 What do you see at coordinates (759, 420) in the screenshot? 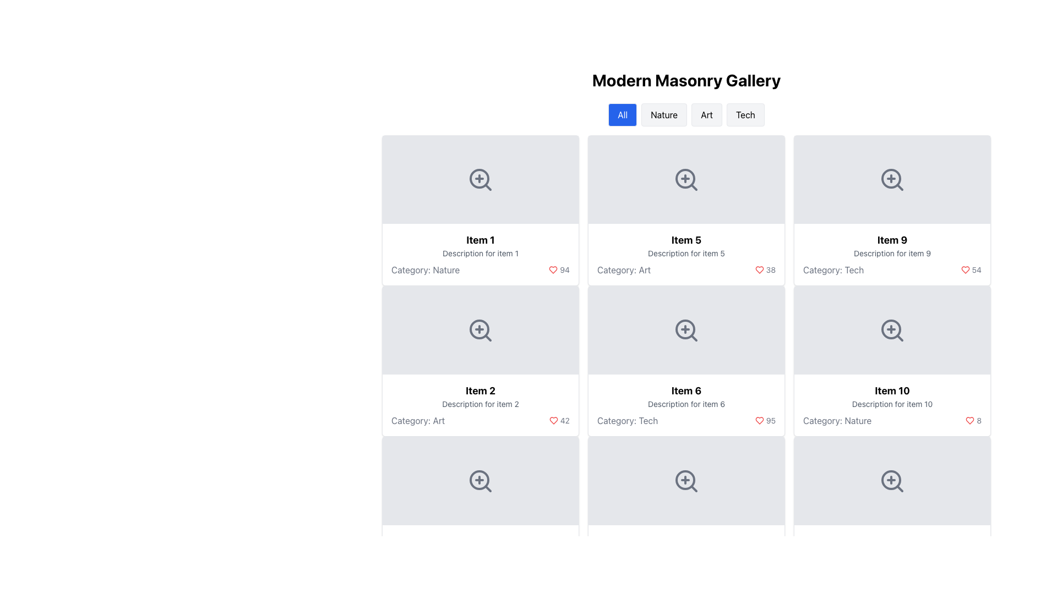
I see `the SVG icon located at the bottom right corner of the card labeled 'Item 6' to like the associated item` at bounding box center [759, 420].